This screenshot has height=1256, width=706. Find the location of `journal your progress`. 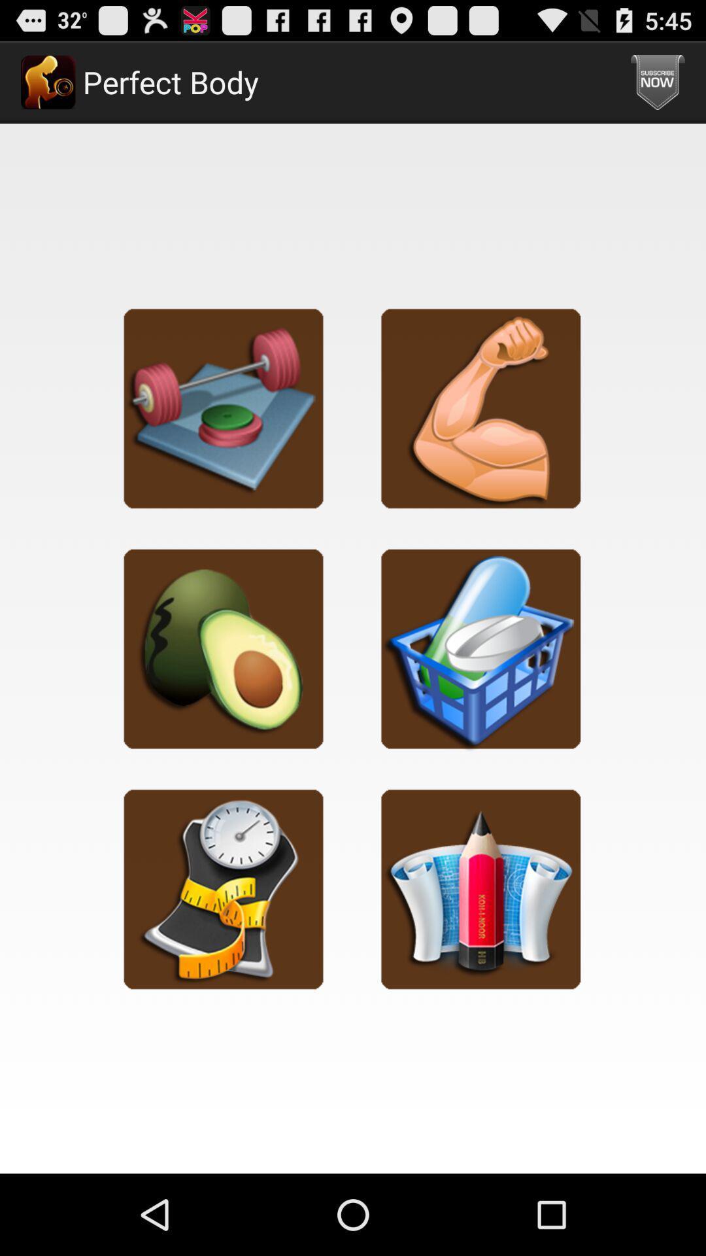

journal your progress is located at coordinates (481, 888).